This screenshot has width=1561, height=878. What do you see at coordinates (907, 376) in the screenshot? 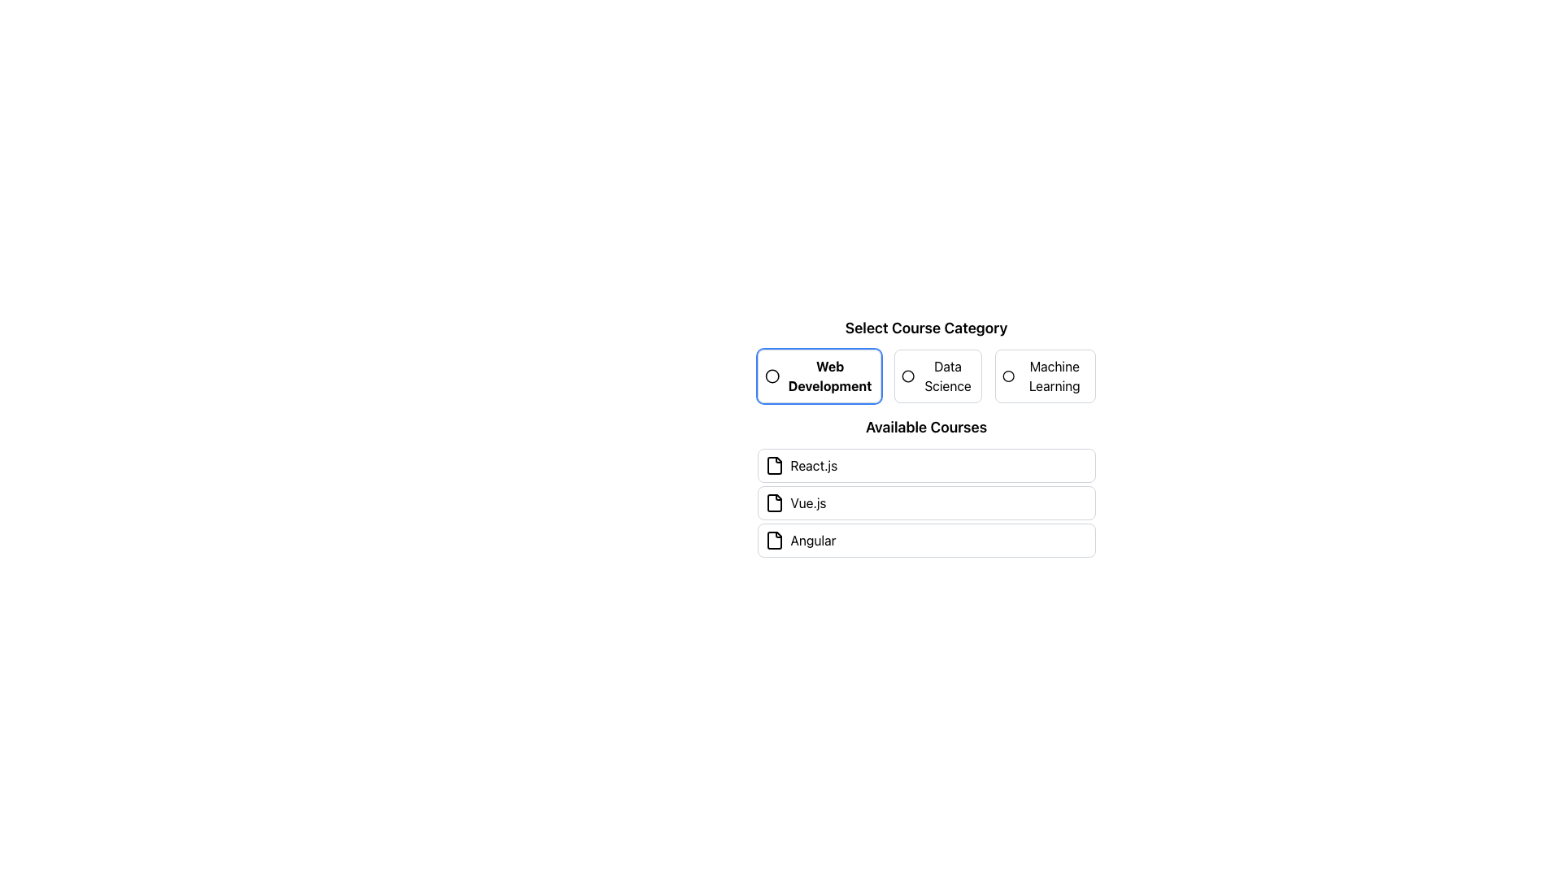
I see `the filled indicator circle representing the selection of the 'Data Science' category in the radio button group` at bounding box center [907, 376].